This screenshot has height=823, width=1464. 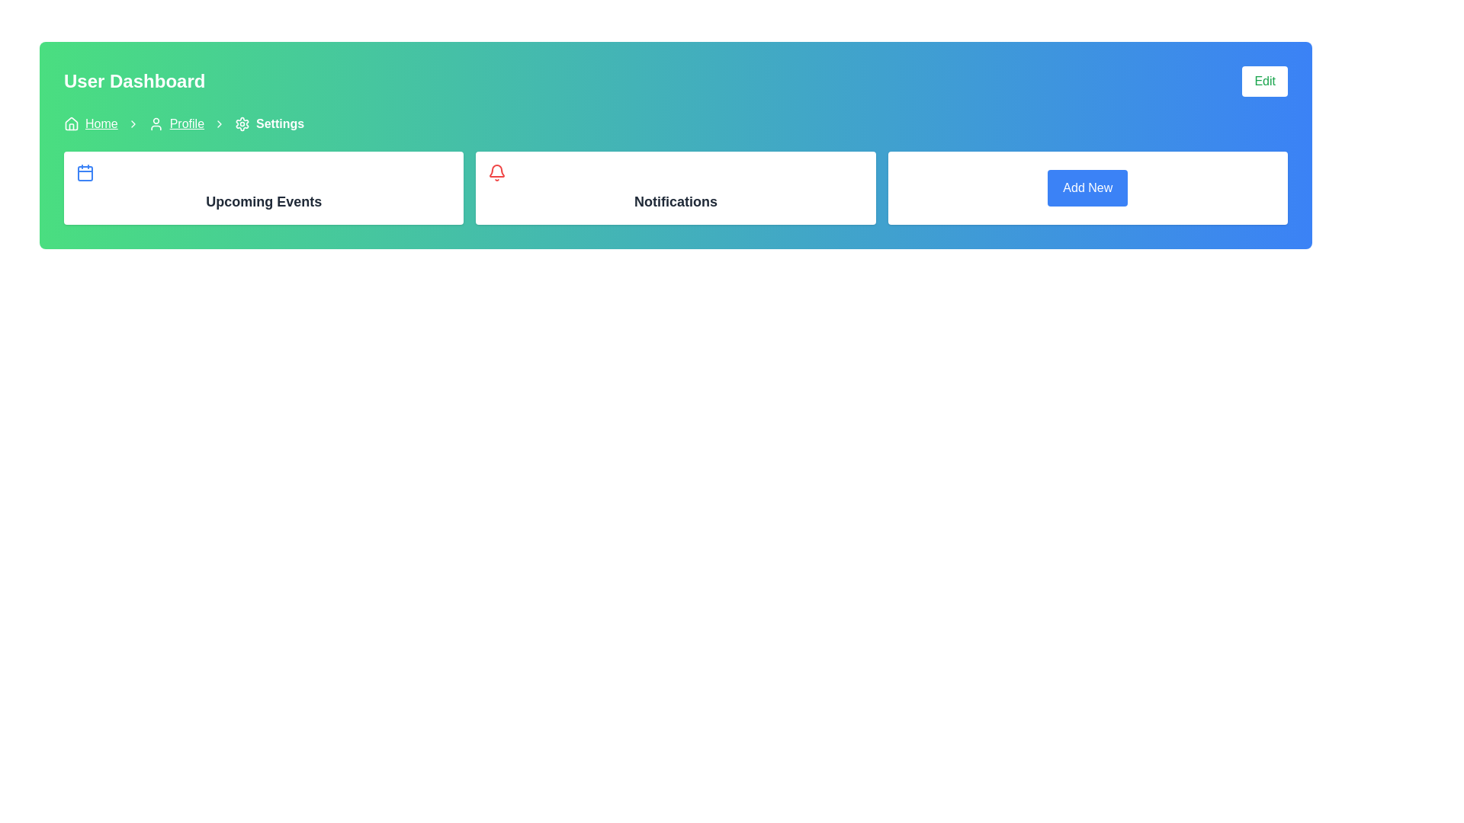 I want to click on the first breadcrumb navigation link located at the top-left corner of the interface, so click(x=90, y=123).